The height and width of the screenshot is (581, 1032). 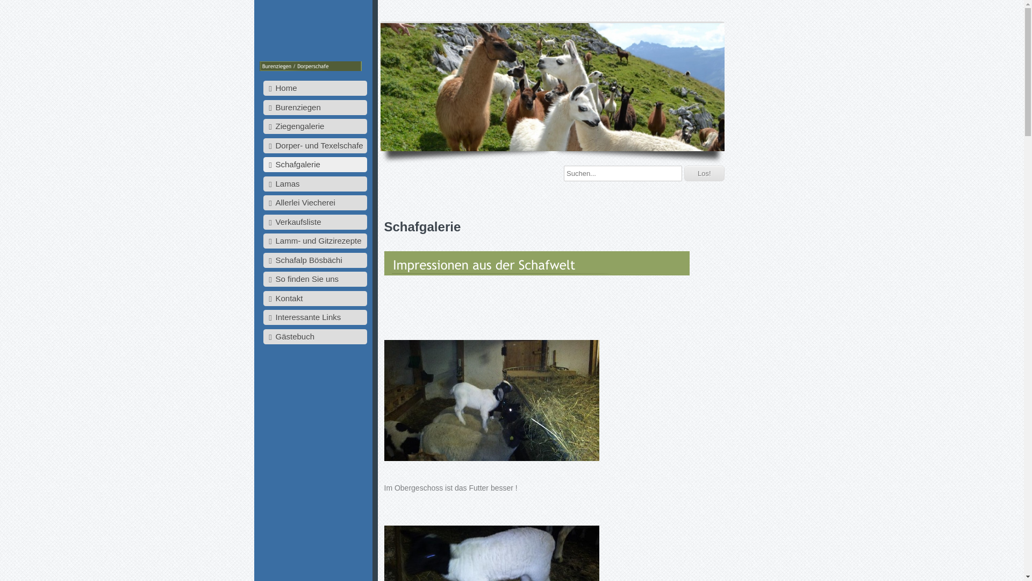 I want to click on 'Verkaufsliste', so click(x=314, y=221).